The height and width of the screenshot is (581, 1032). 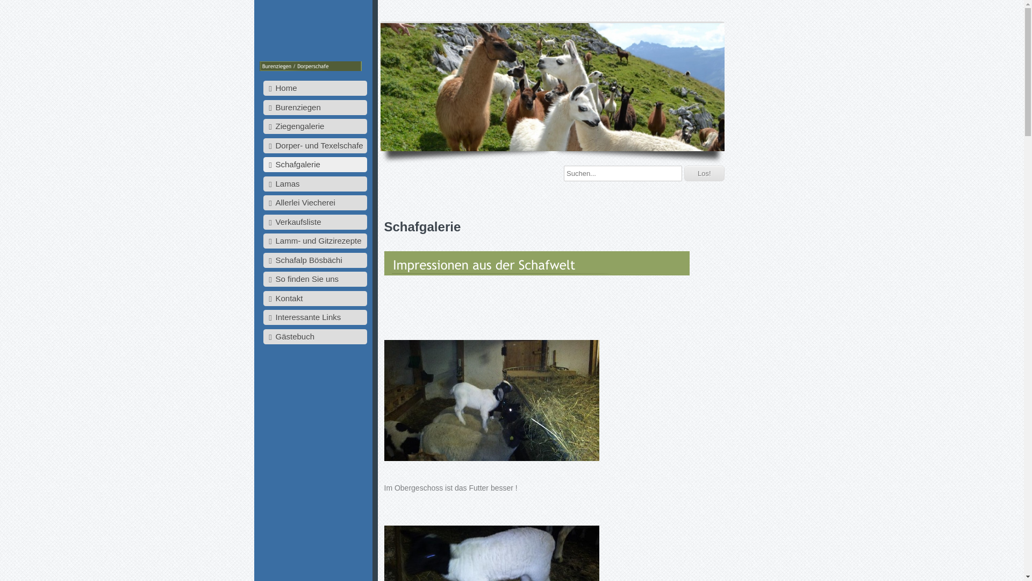 I want to click on 'Verkaufsliste', so click(x=314, y=221).